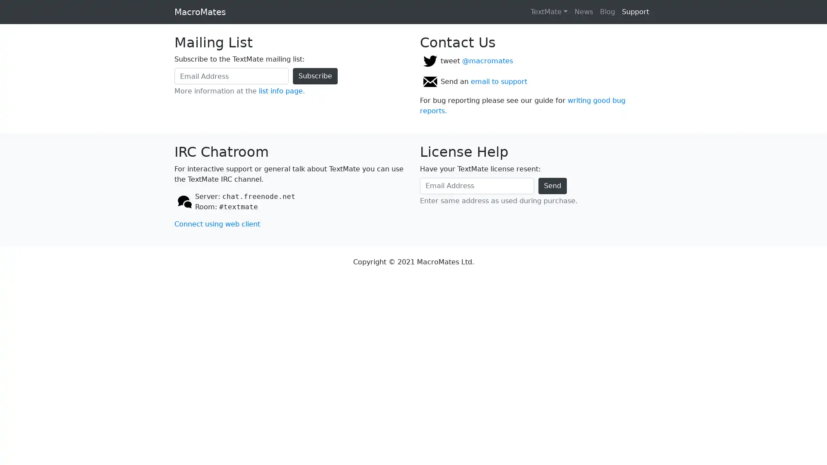 The image size is (827, 465). Describe the element at coordinates (552, 185) in the screenshot. I see `Send` at that location.